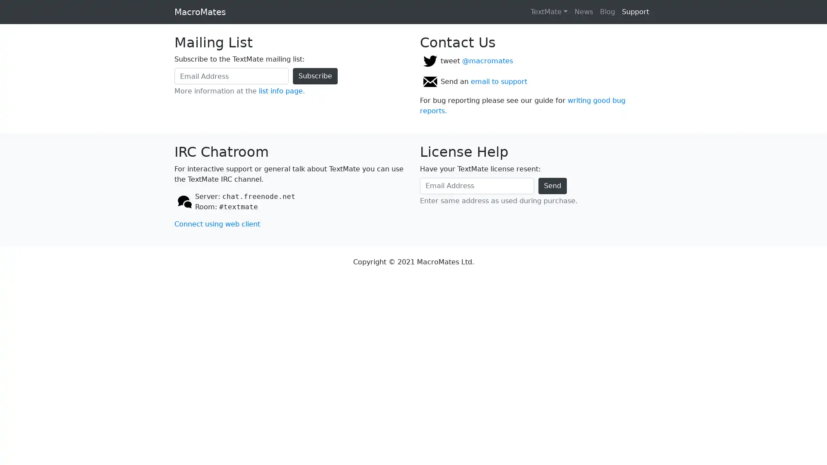 The image size is (827, 465). Describe the element at coordinates (552, 185) in the screenshot. I see `Send` at that location.